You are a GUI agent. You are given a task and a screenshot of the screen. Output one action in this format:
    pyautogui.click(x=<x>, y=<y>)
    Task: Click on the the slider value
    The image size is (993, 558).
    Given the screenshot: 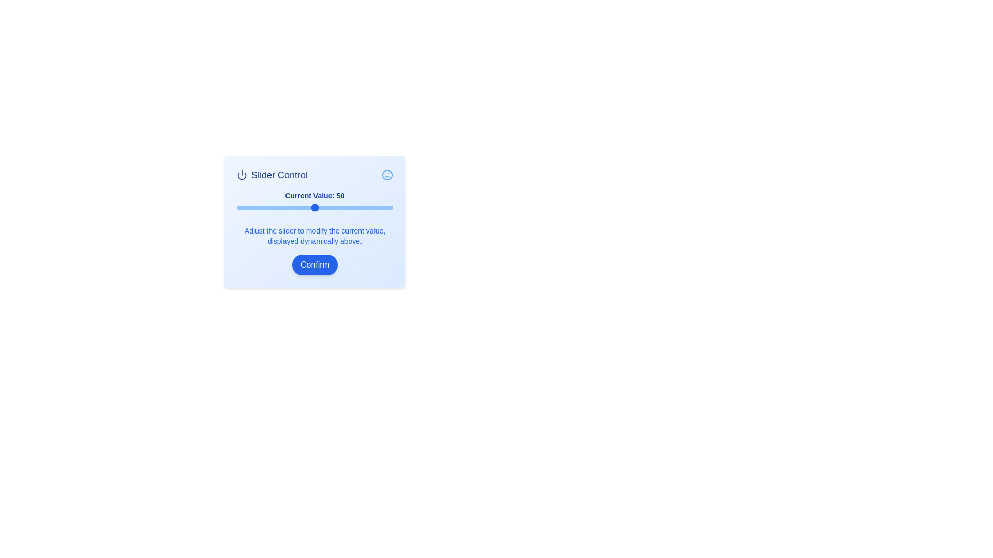 What is the action you would take?
    pyautogui.click(x=292, y=207)
    